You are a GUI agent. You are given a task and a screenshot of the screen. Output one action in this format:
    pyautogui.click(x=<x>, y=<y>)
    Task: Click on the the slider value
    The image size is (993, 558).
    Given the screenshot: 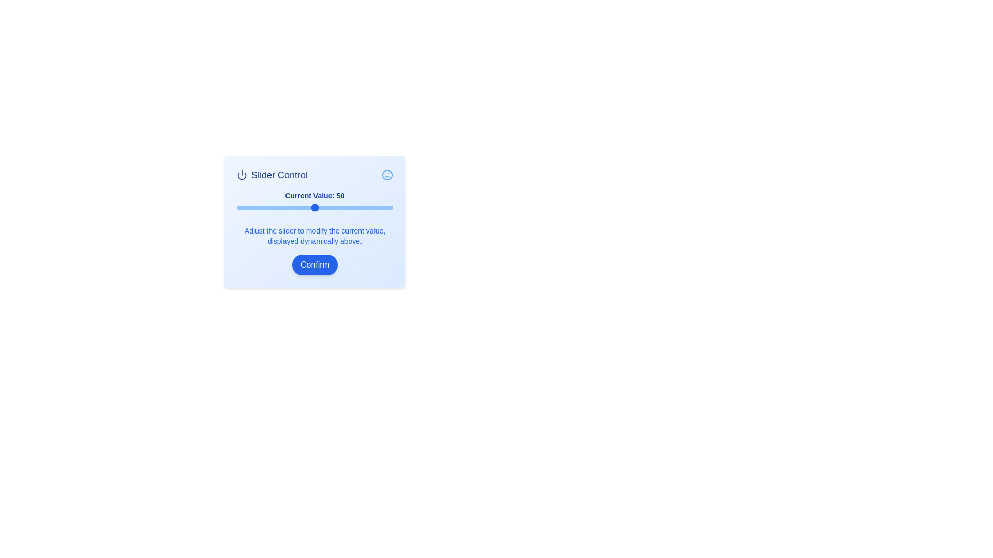 What is the action you would take?
    pyautogui.click(x=292, y=207)
    